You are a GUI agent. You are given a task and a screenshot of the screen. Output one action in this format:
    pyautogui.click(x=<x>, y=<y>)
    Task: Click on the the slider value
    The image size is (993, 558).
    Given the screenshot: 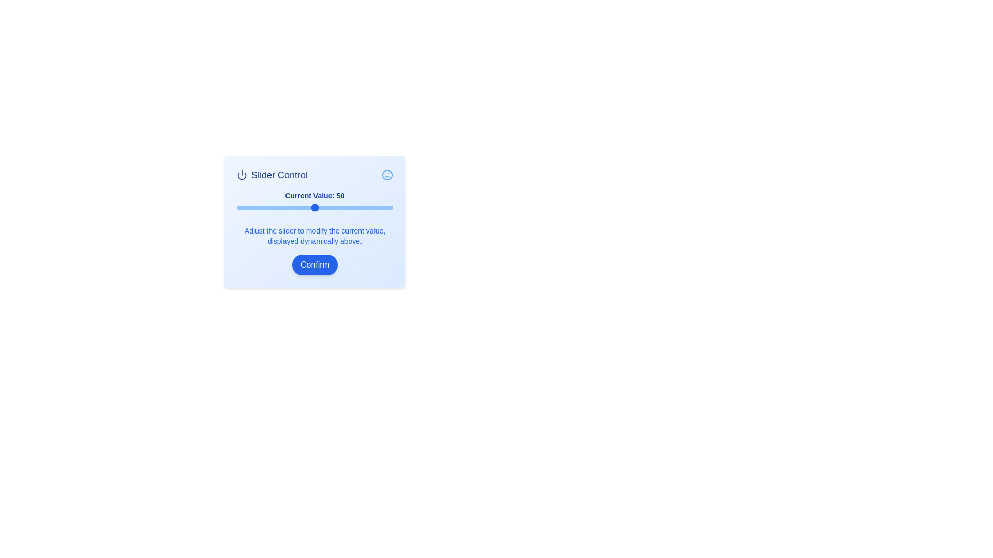 What is the action you would take?
    pyautogui.click(x=292, y=207)
    